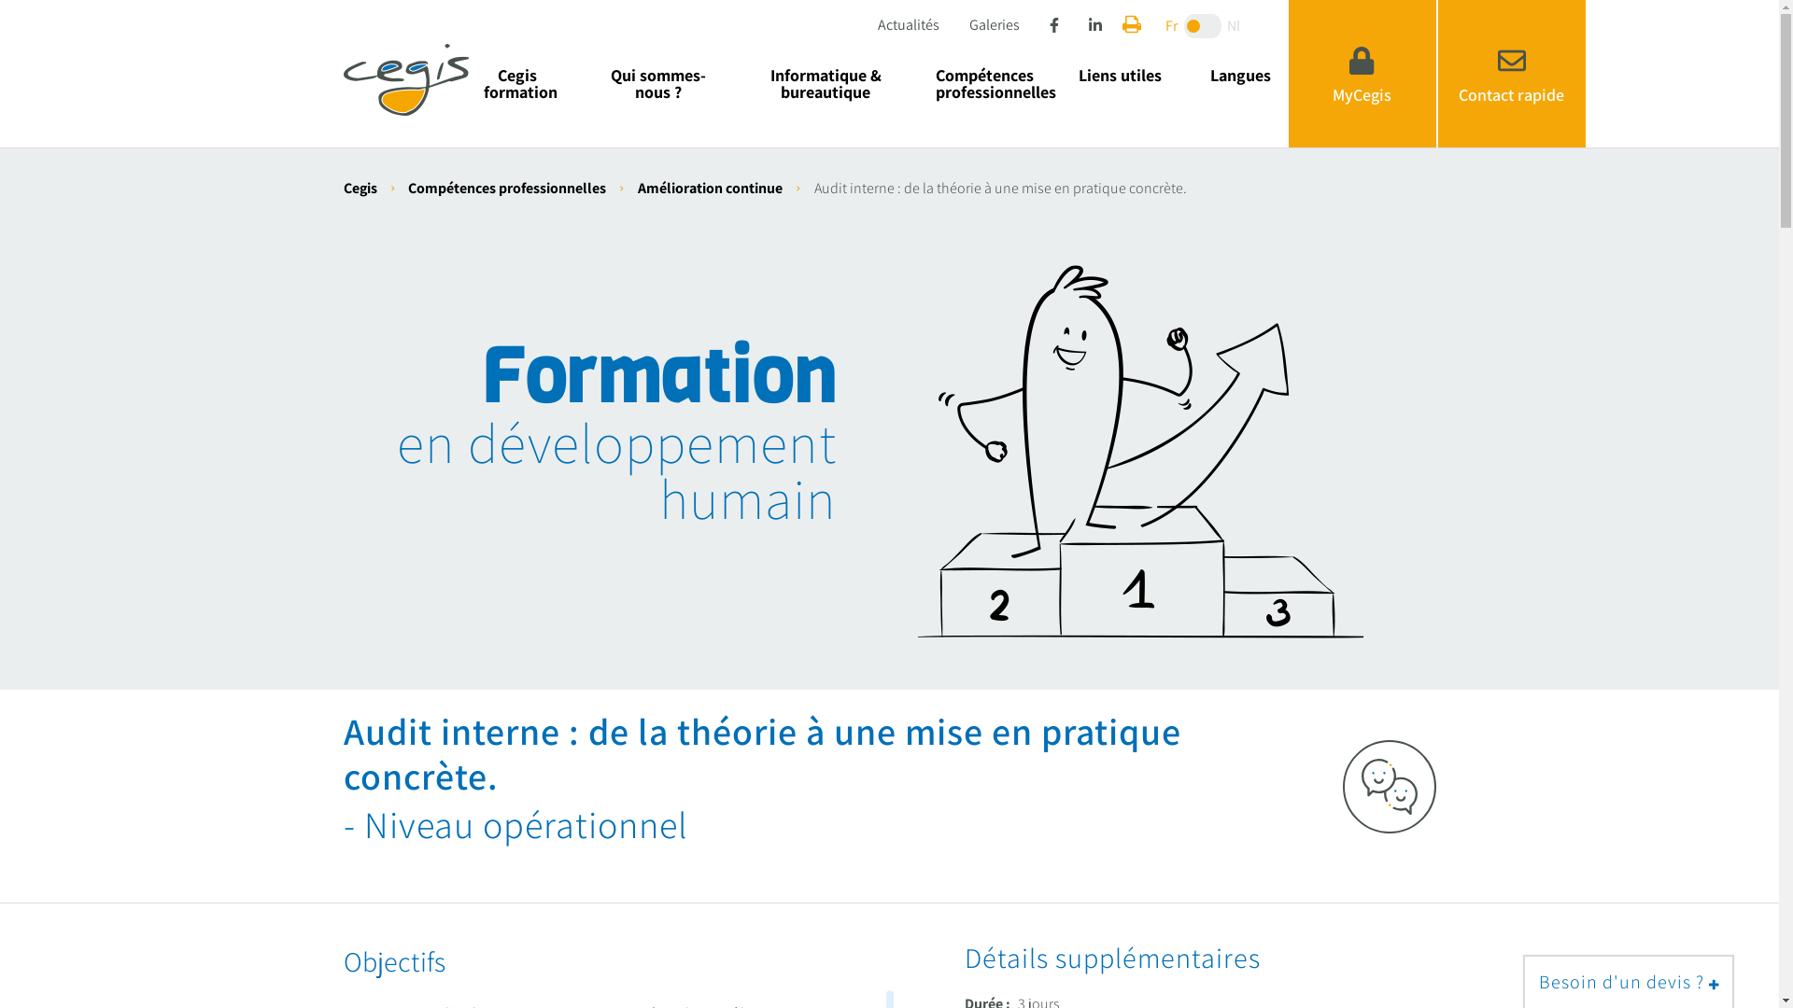 The image size is (1793, 1008). Describe the element at coordinates (469, 82) in the screenshot. I see `'Cegis formation'` at that location.